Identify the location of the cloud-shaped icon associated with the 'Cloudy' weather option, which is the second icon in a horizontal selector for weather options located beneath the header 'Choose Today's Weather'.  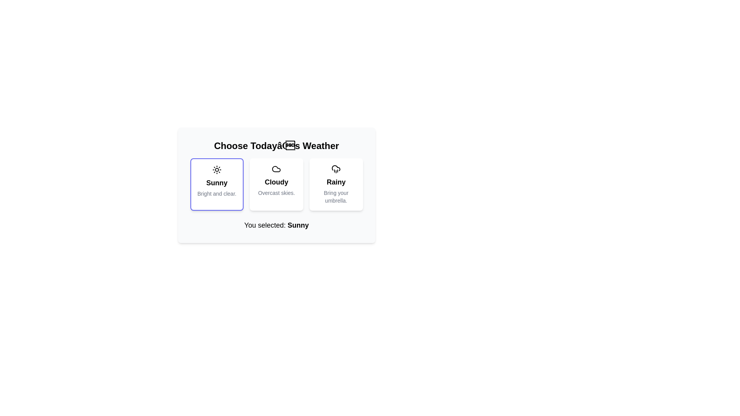
(276, 169).